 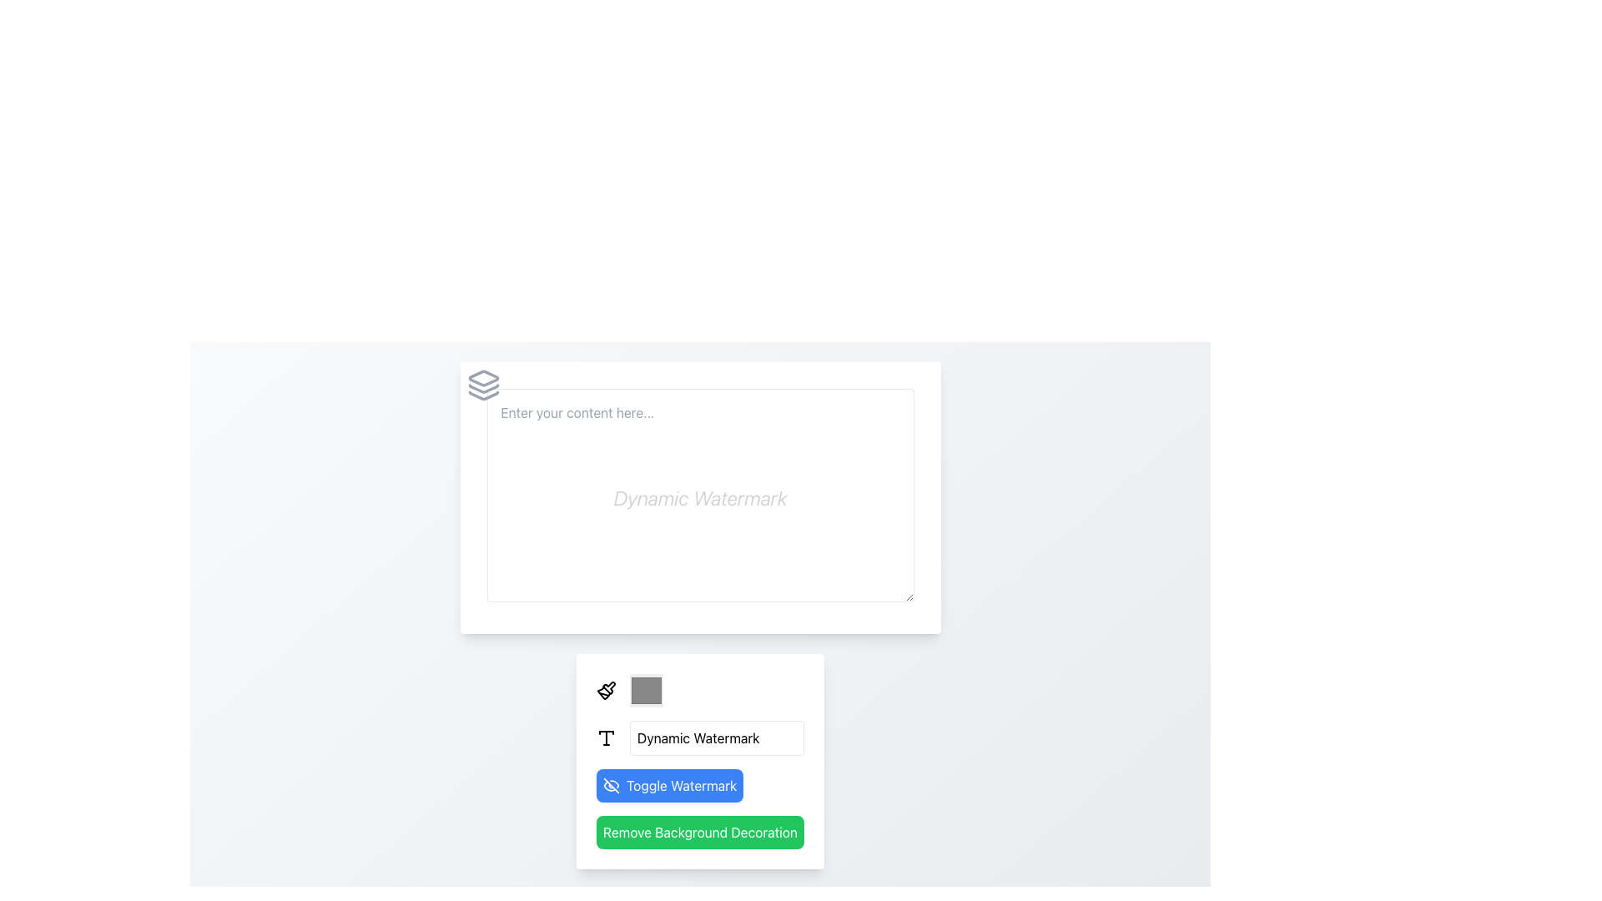 I want to click on the paintbrush icon, which is the first element in a horizontal group located at the bottom section of the page, so click(x=605, y=691).